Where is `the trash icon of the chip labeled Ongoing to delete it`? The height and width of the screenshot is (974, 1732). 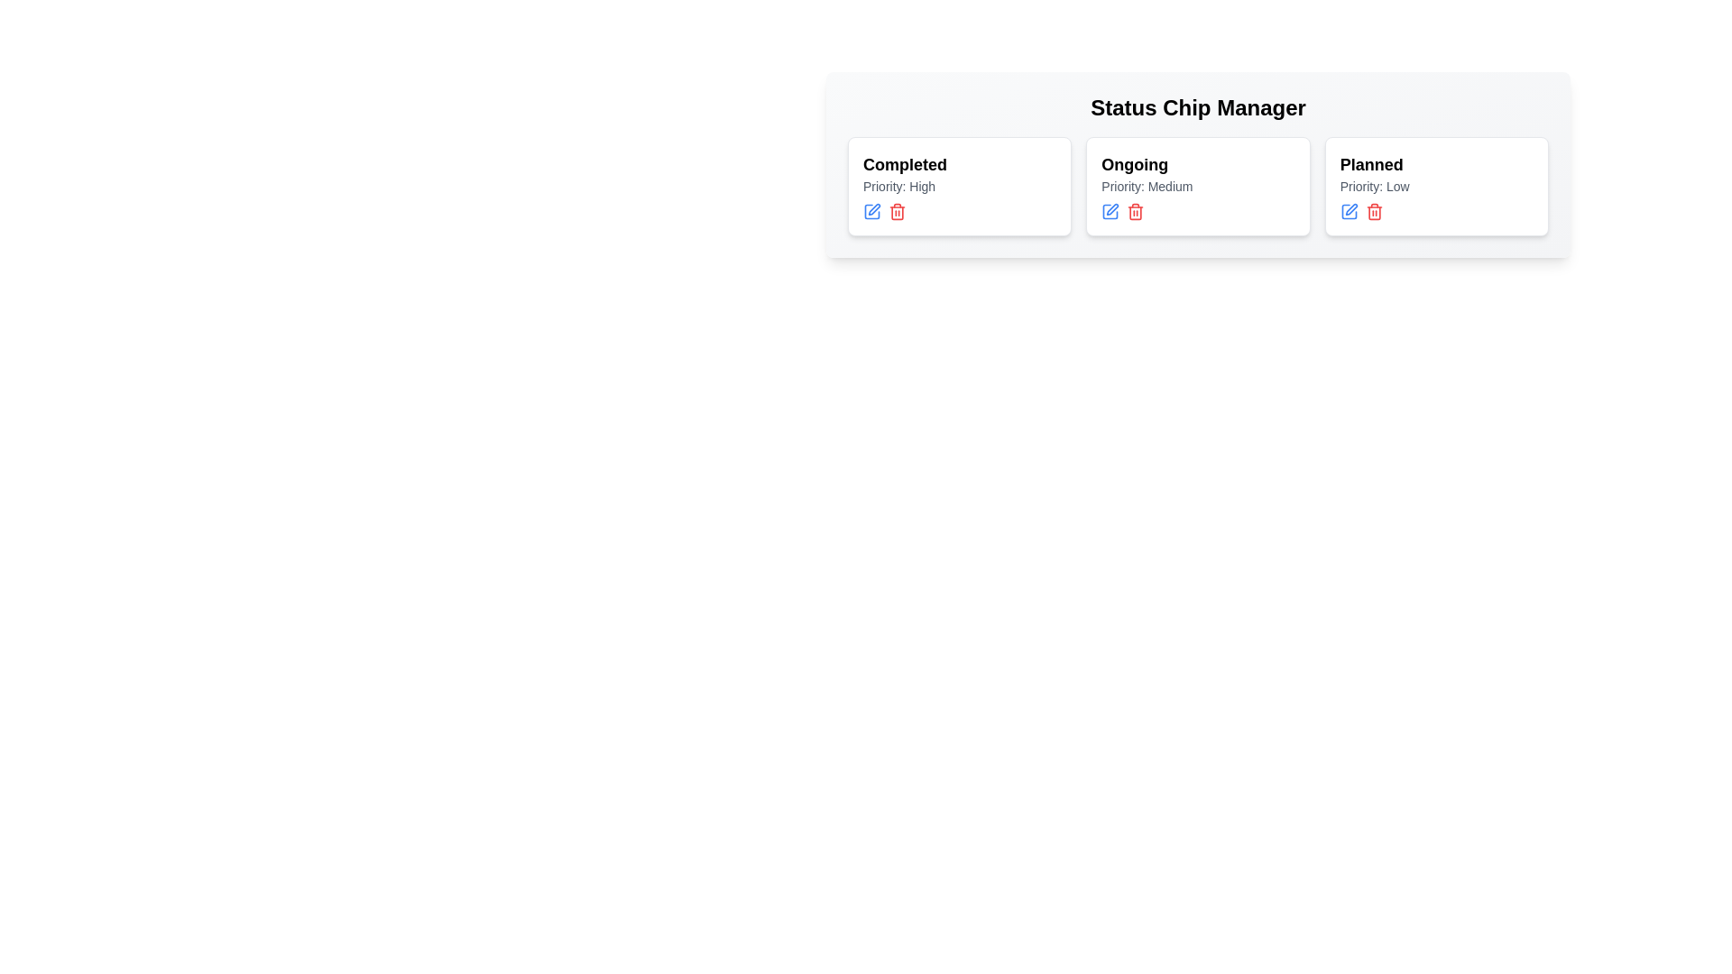 the trash icon of the chip labeled Ongoing to delete it is located at coordinates (1134, 211).